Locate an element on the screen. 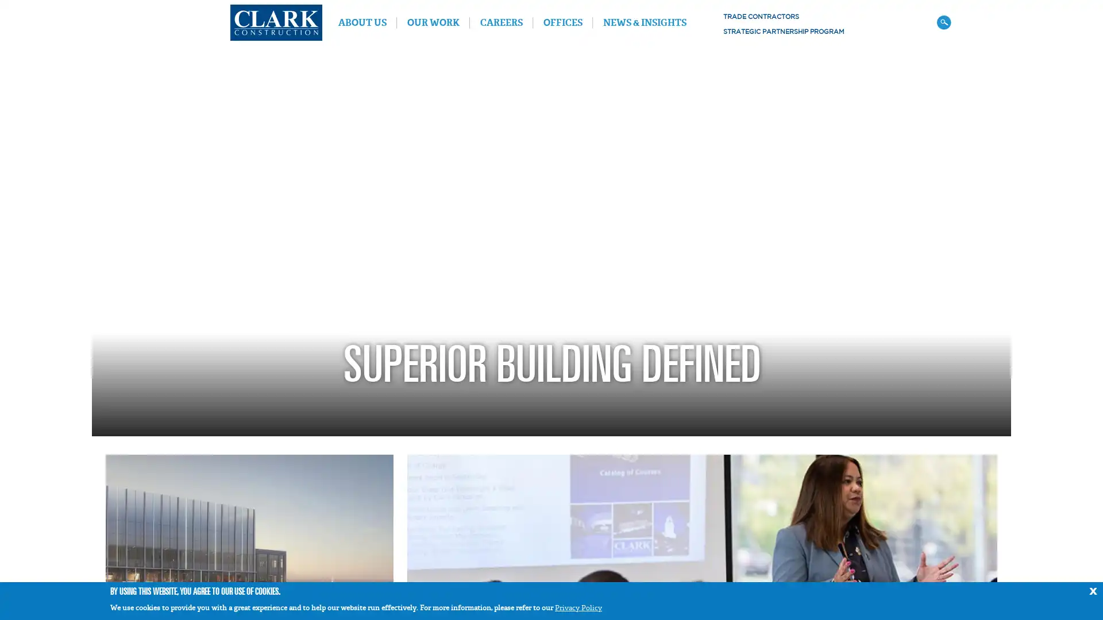  Search is located at coordinates (943, 22).